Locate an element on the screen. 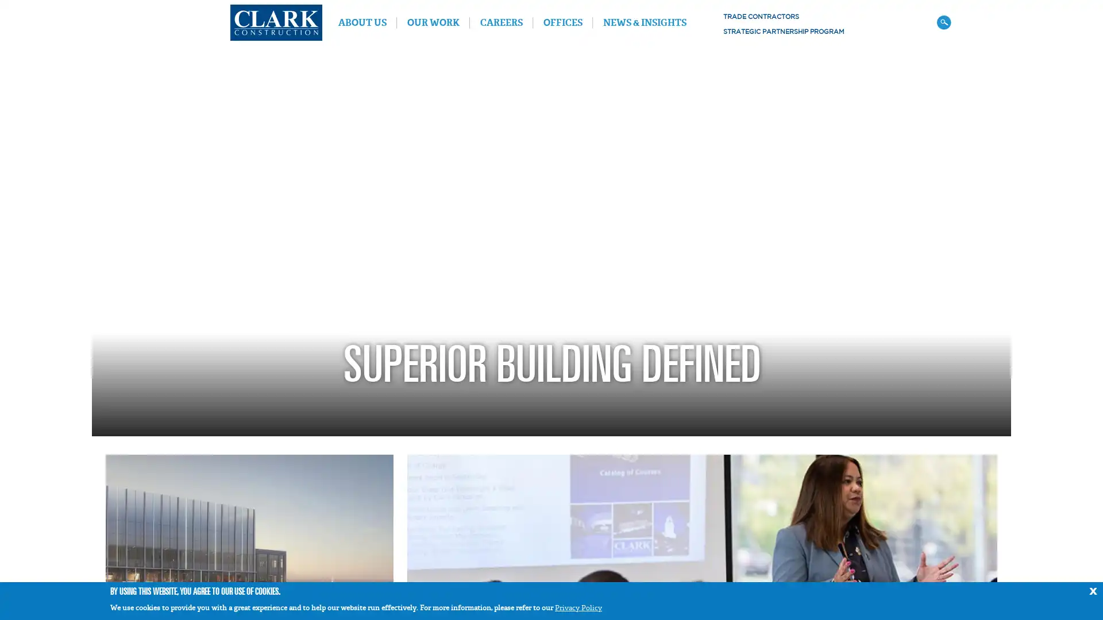  Search is located at coordinates (943, 22).